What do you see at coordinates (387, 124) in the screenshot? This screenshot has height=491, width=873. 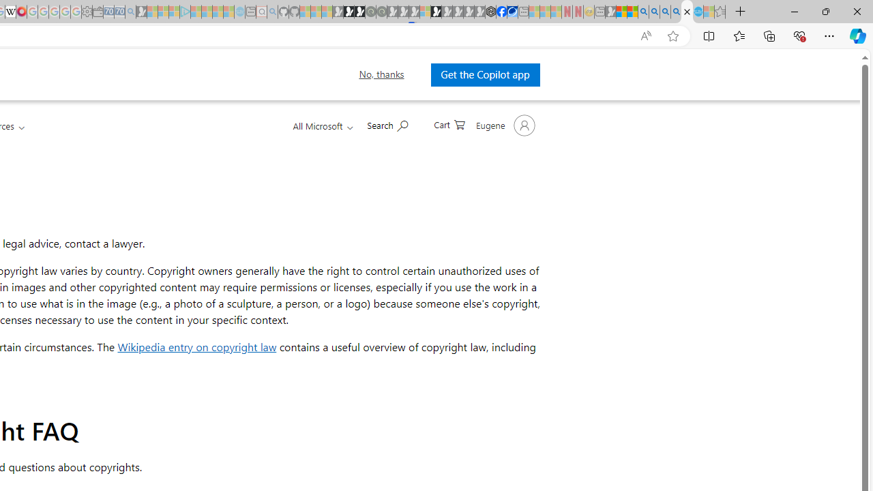 I see `'Search Microsoft Legal Resources'` at bounding box center [387, 124].